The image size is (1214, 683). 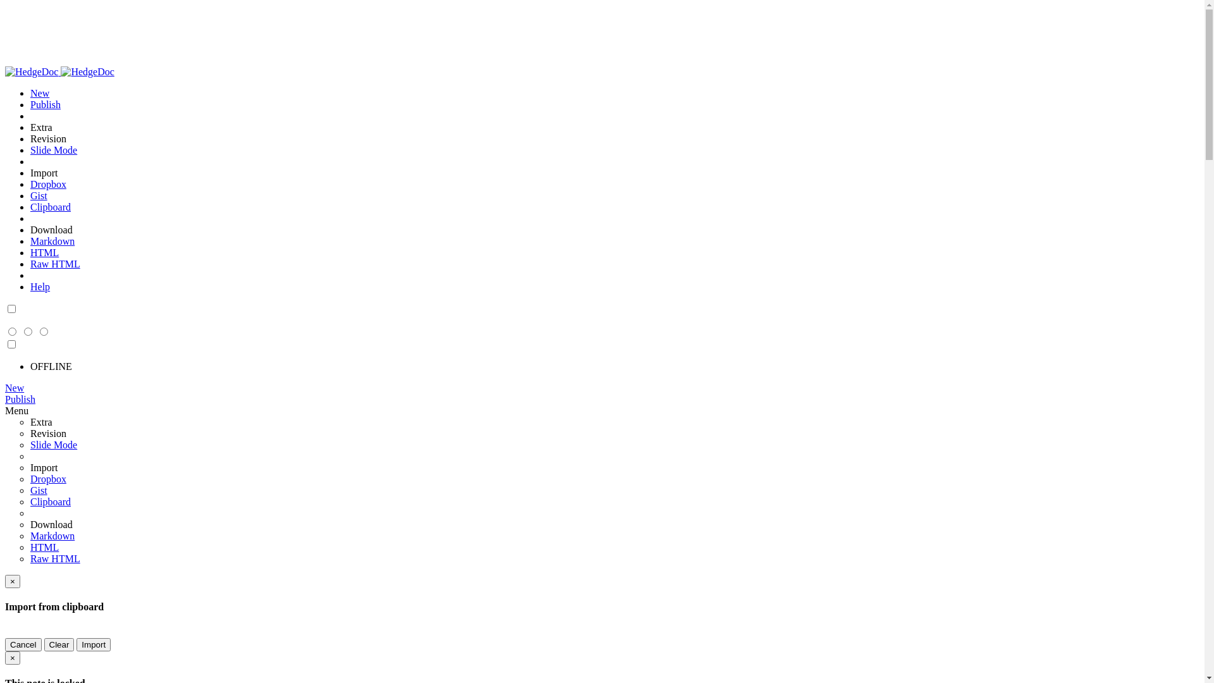 I want to click on 'OFFLINE', so click(x=51, y=366).